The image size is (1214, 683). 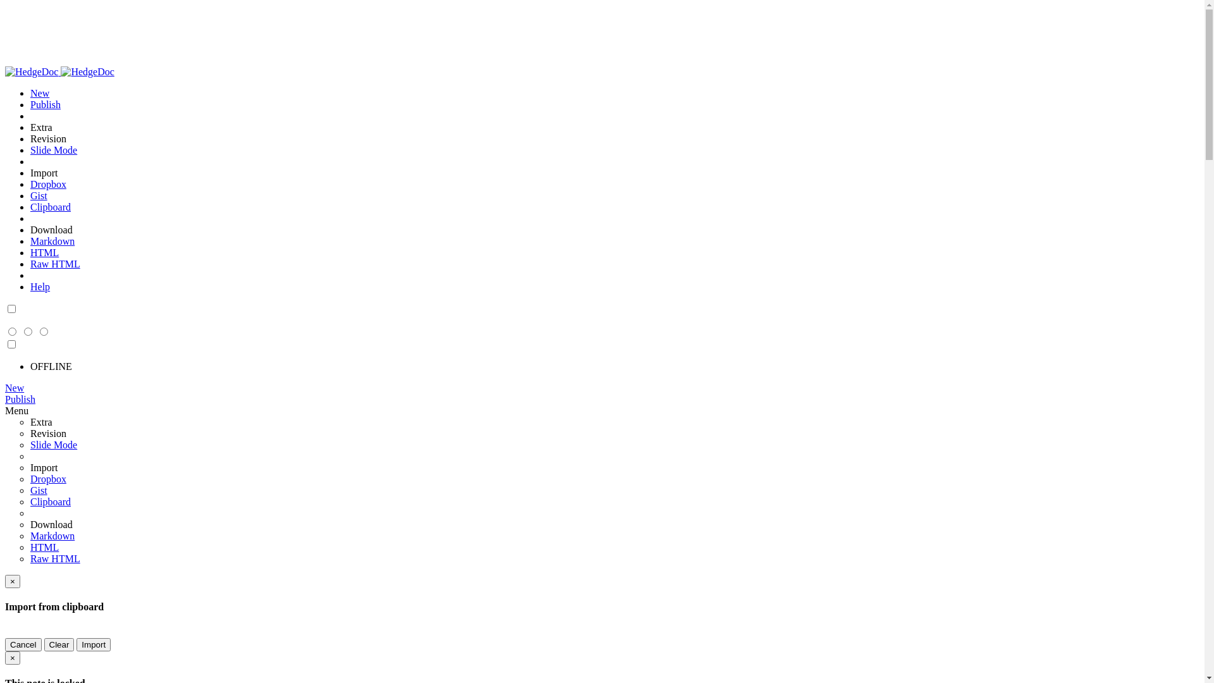 I want to click on 'OFFLINE', so click(x=51, y=366).